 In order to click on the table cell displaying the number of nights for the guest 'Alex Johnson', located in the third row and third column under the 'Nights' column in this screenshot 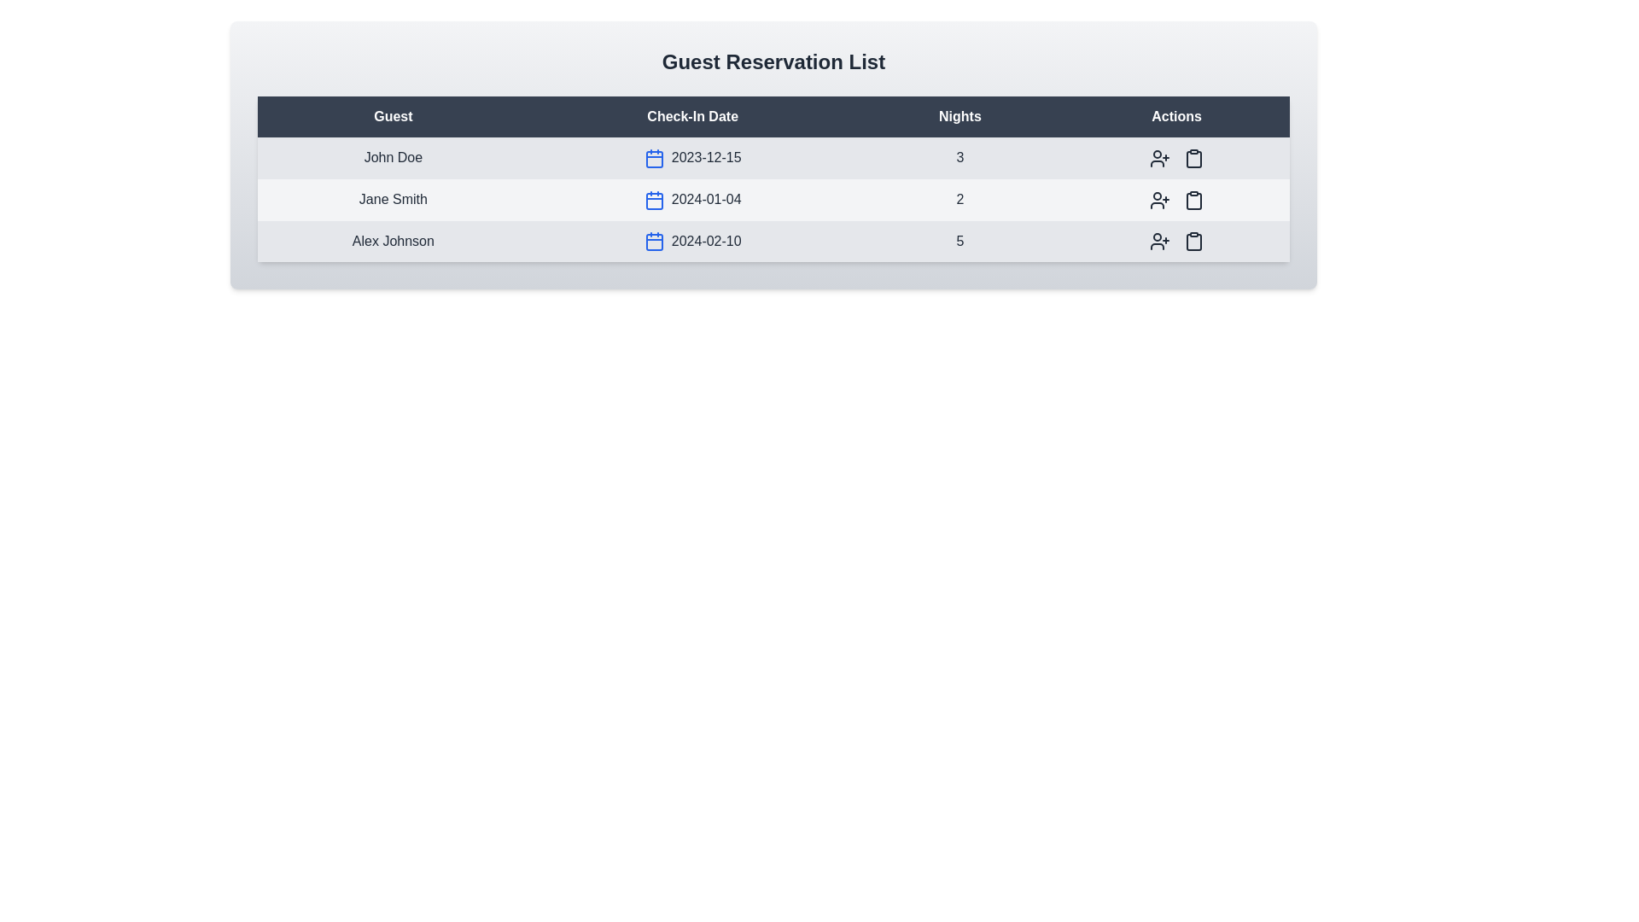, I will do `click(959, 241)`.